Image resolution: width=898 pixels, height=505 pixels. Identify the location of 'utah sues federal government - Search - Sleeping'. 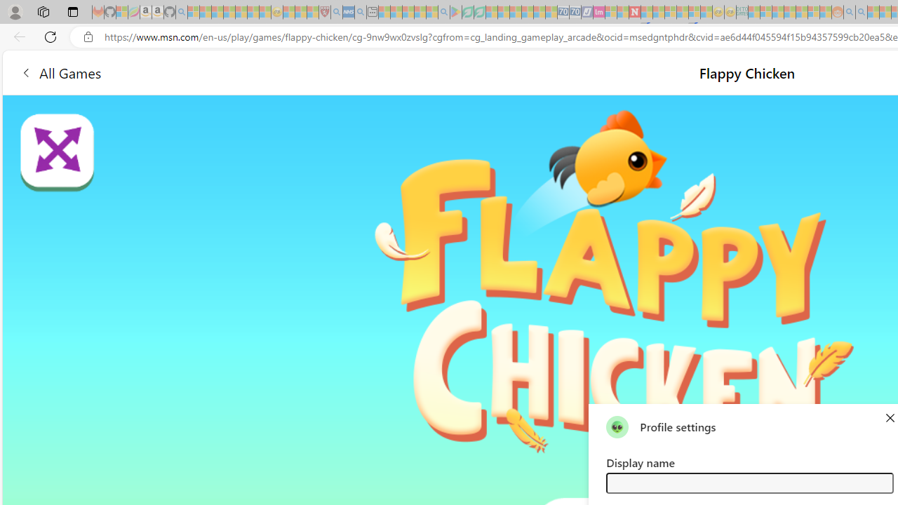
(360, 12).